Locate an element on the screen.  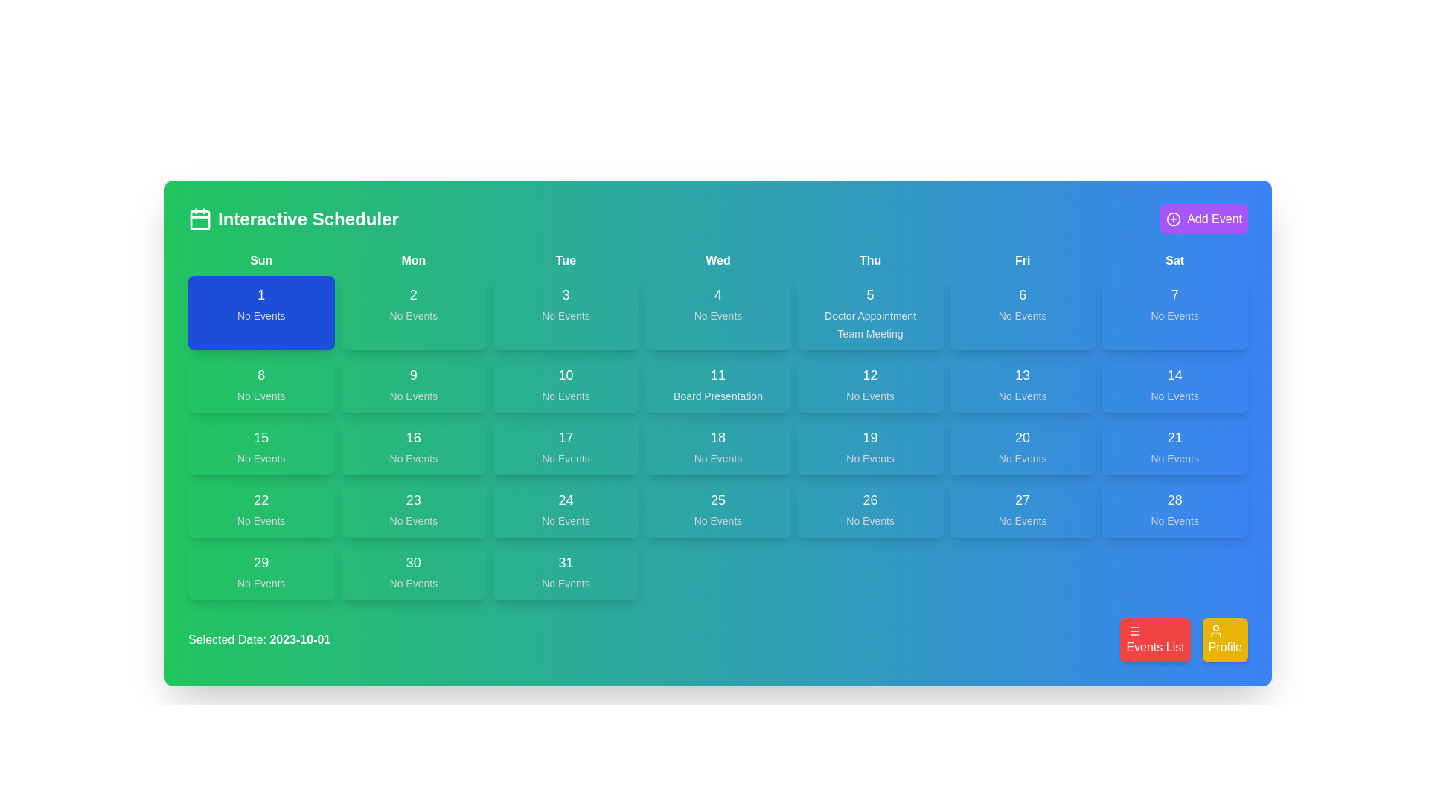
the text displaying the number '11' in the calendar grid, located in the fourth column and third row, styled with large bold font and centered alignment is located at coordinates (717, 375).